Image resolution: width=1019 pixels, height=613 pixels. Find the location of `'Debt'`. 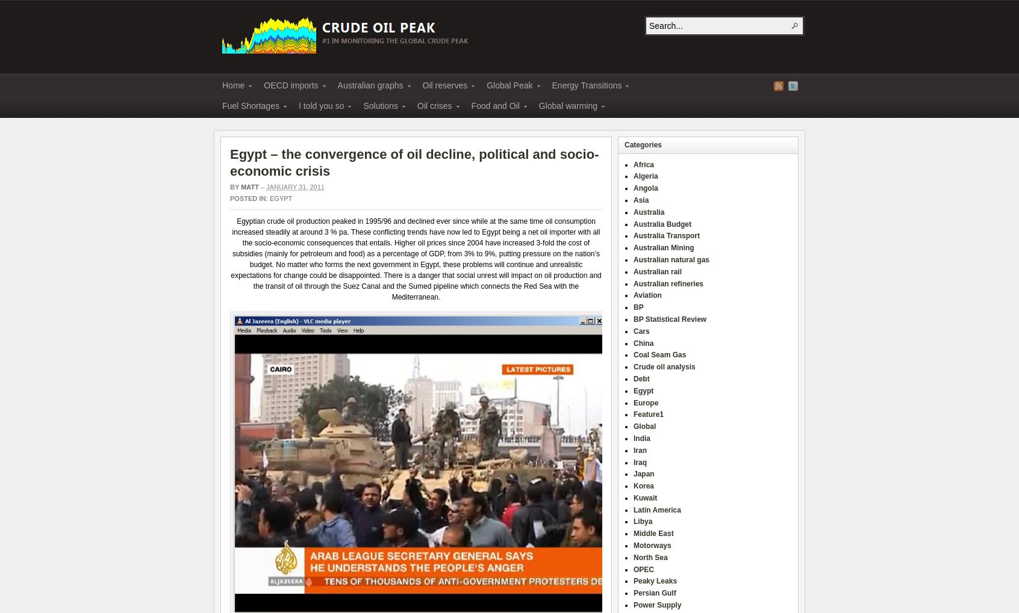

'Debt' is located at coordinates (632, 378).